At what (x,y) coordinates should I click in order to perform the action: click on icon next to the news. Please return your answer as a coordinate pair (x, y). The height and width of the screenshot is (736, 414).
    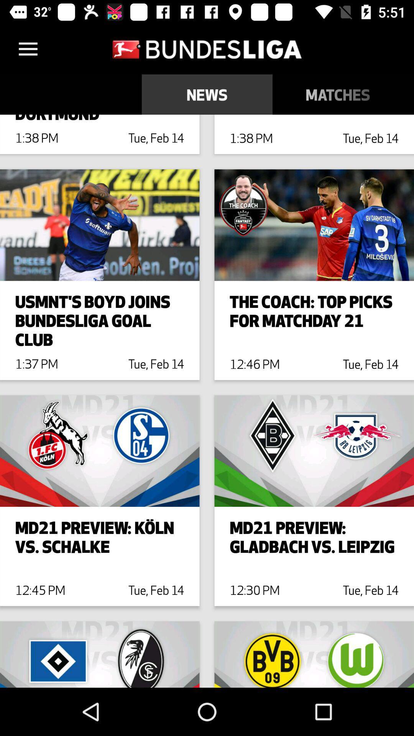
    Looking at the image, I should click on (337, 94).